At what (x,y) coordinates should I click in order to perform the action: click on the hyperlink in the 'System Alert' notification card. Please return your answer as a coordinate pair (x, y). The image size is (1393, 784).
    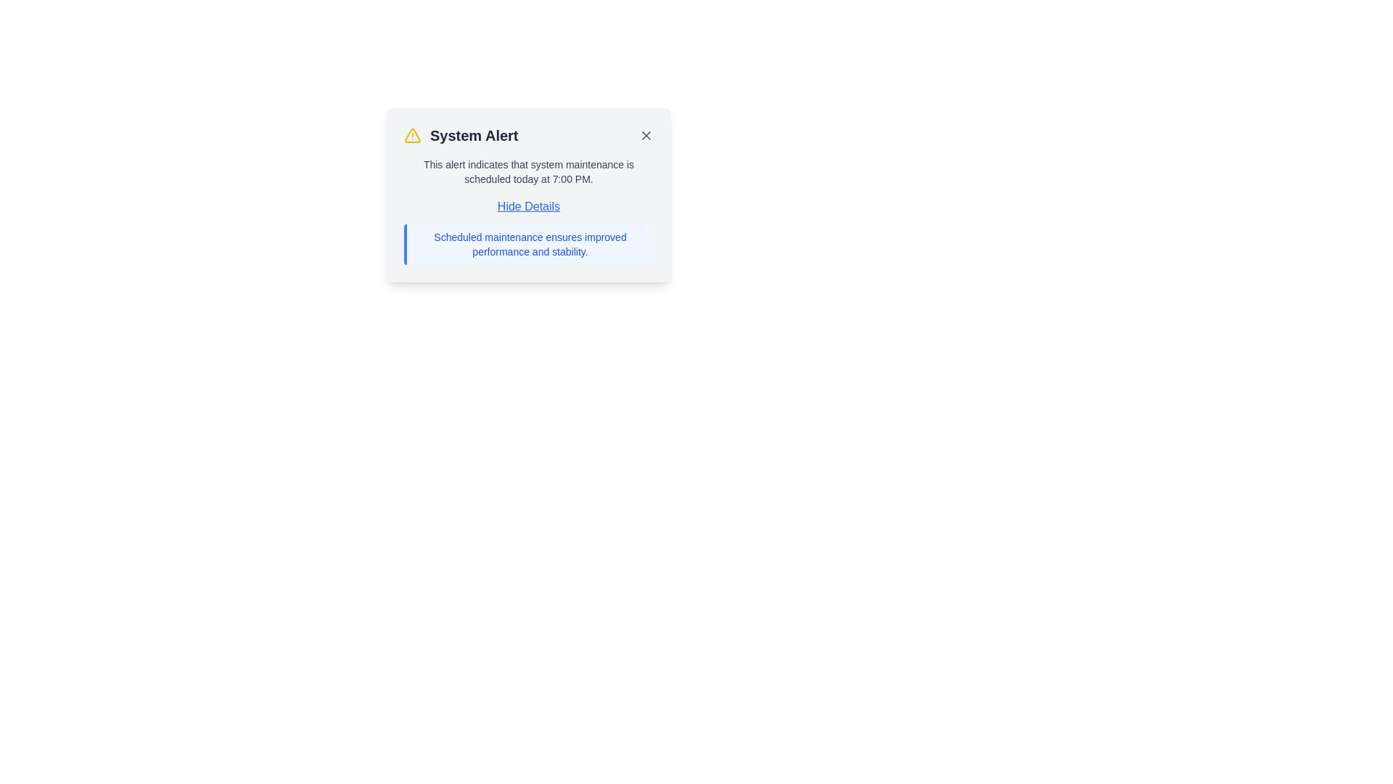
    Looking at the image, I should click on (528, 231).